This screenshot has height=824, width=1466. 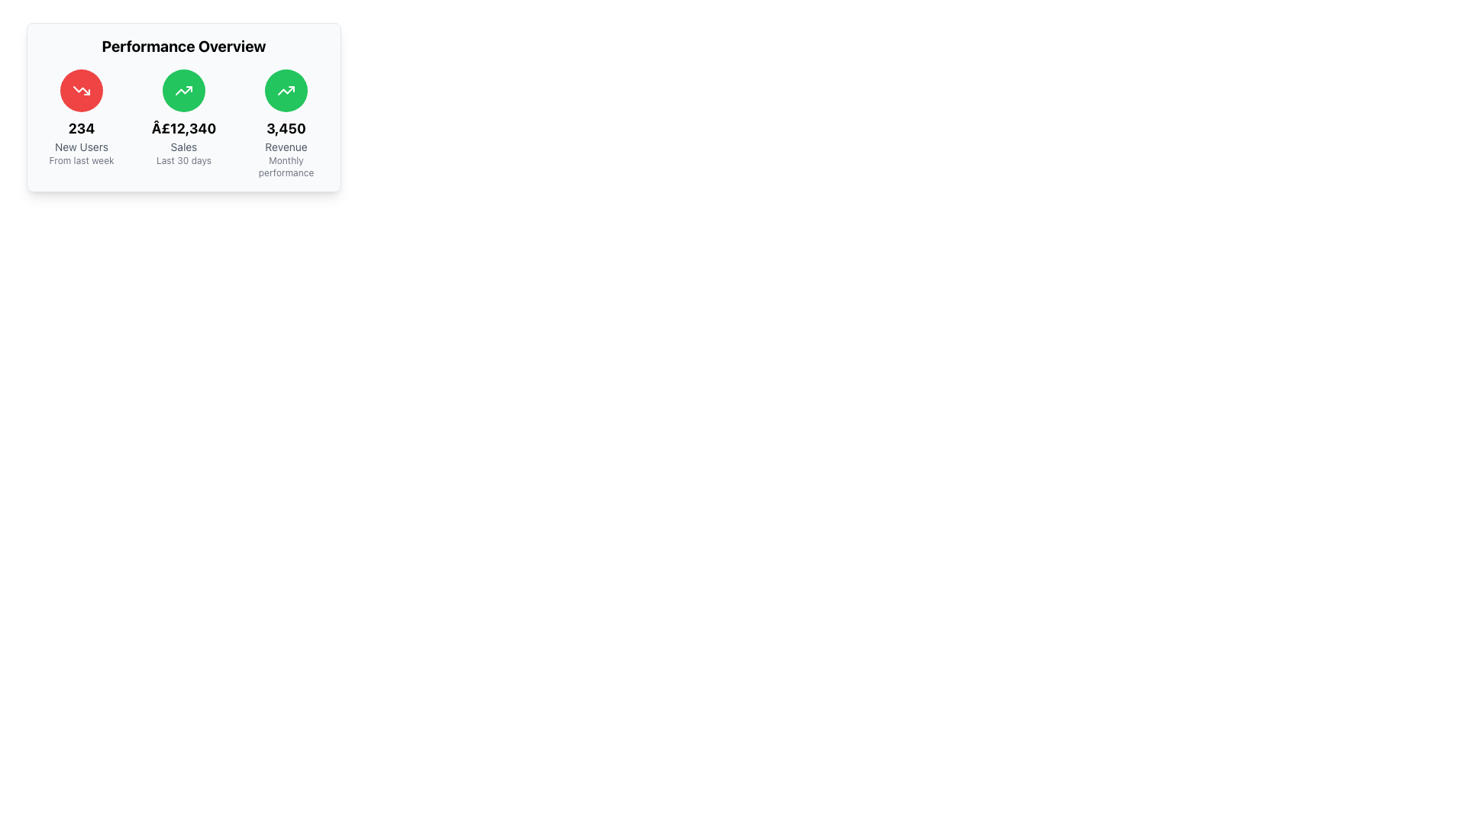 I want to click on the upward trend icon, which features a green background and white accents, located above the '£12,340' text in the interface, so click(x=183, y=91).